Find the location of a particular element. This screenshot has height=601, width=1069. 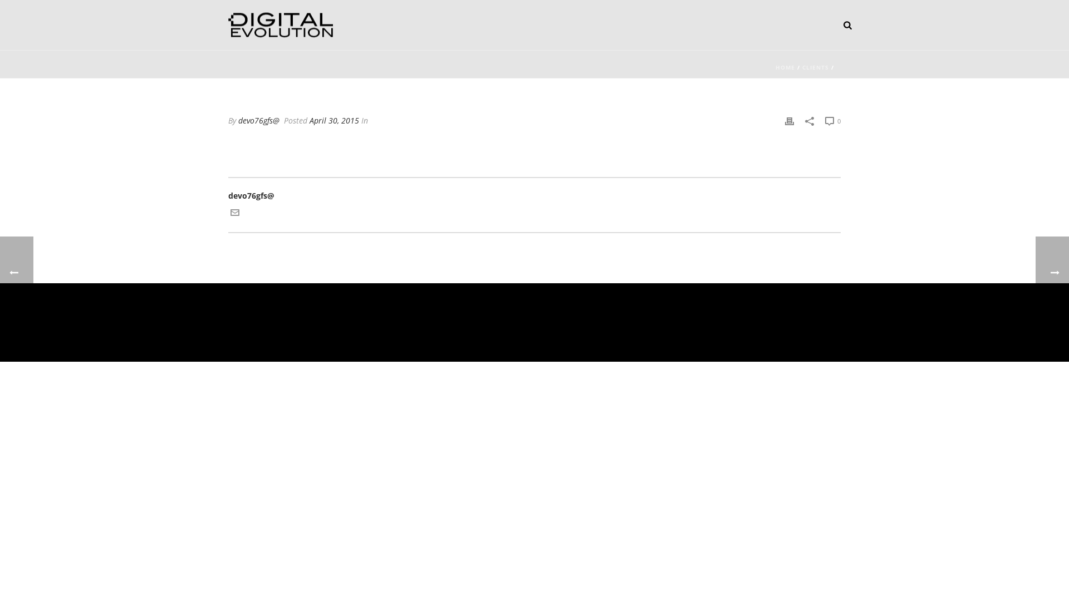

'Get in touch with me via email' is located at coordinates (234, 214).